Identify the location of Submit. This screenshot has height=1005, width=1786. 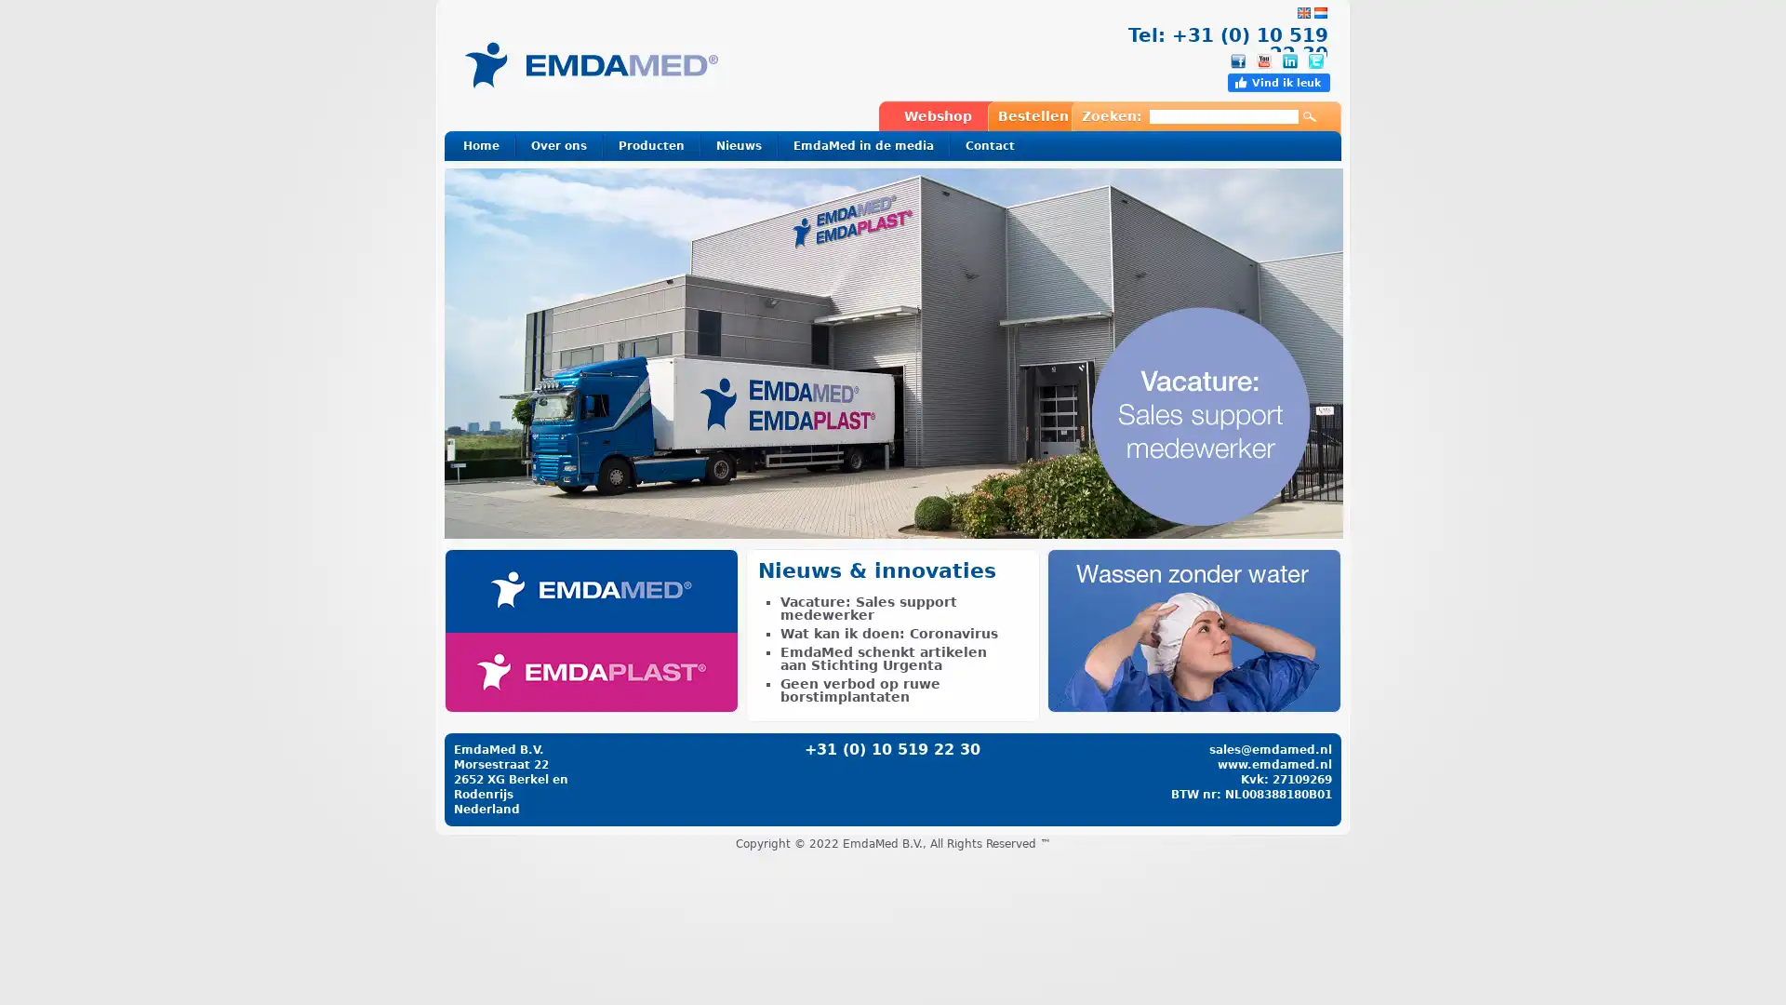
(1308, 117).